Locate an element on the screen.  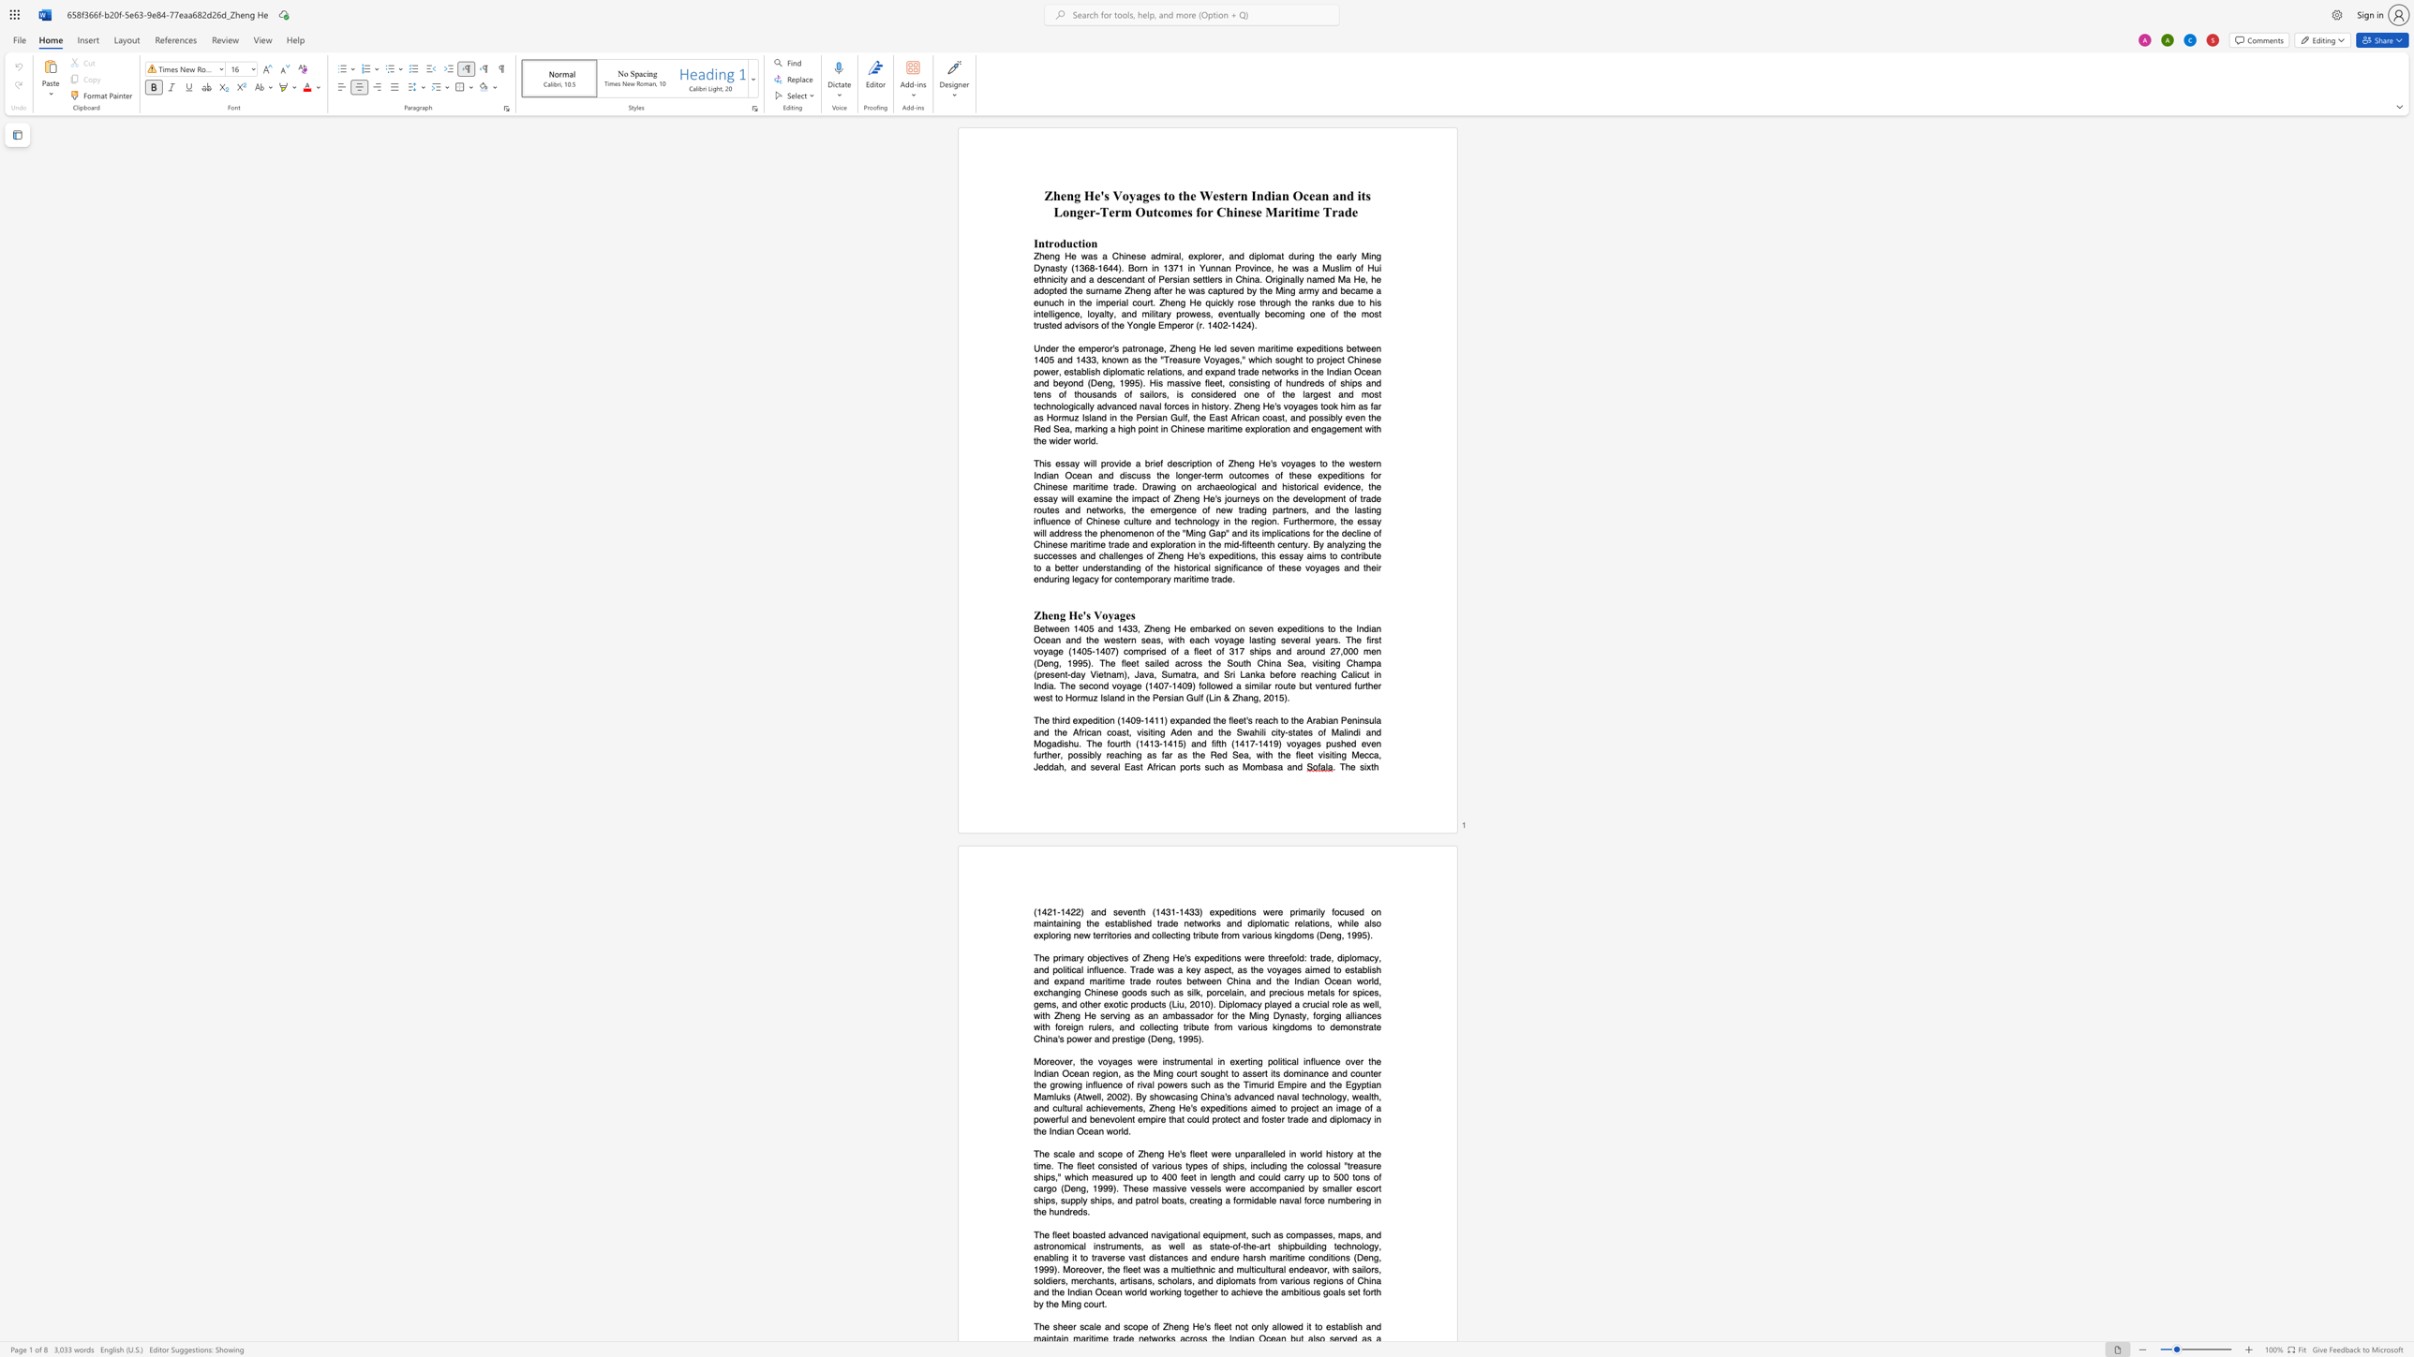
the subset text "ethnic and mul" within the text "shipbuilding technology, enabling it to traverse vast distances and endure harsh maritime conditions (Deng, 1999). Moreover, the fleet was a multiethnic and multicultural endeavor, with sailors, soldiers, merchants, artisans, scholars, and diplomats from various regions of China and the Indian Ocean world working together to achieve the ambitious goals set forth by the Ming court." is located at coordinates (1189, 1269).